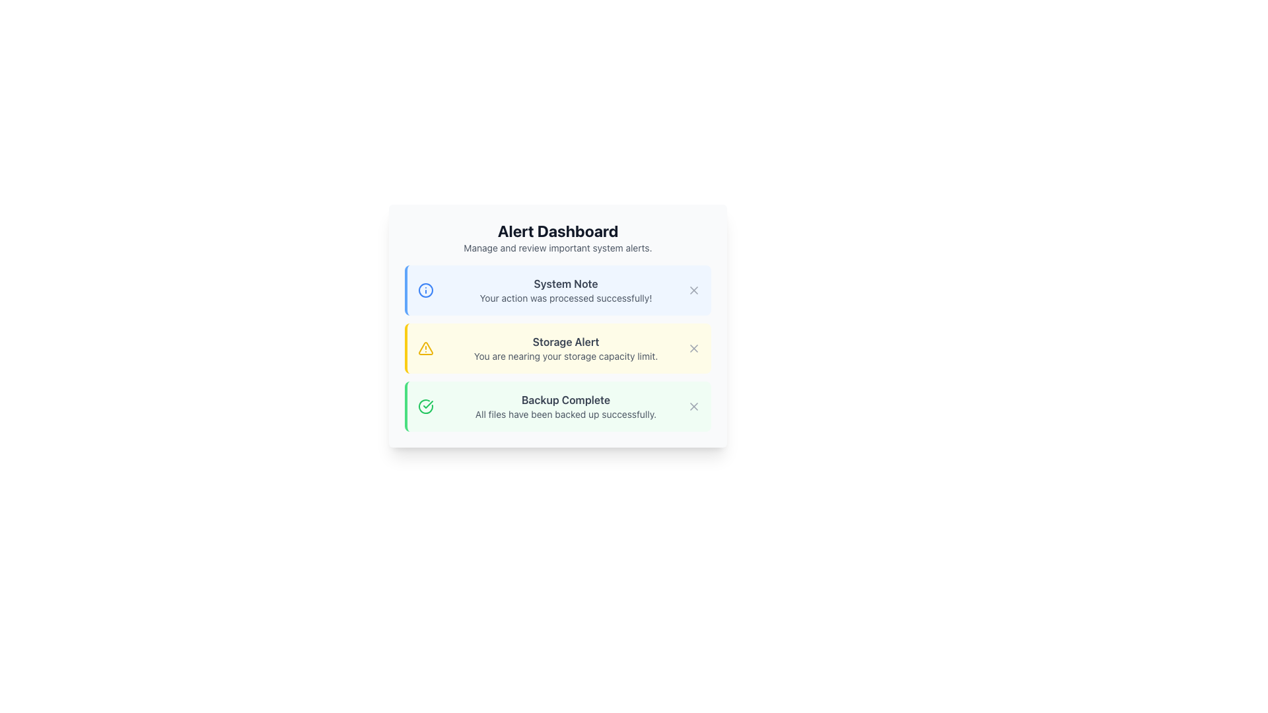  Describe the element at coordinates (425, 289) in the screenshot. I see `the informational note indicator icon located on the left-hand side of the 'System Note' alert row, which is styled with a bordered box and light blue background` at that location.